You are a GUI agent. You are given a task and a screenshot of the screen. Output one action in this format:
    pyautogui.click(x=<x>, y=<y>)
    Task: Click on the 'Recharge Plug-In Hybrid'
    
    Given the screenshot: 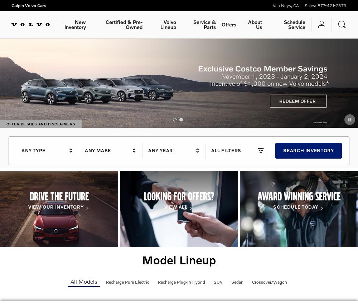 What is the action you would take?
    pyautogui.click(x=157, y=281)
    